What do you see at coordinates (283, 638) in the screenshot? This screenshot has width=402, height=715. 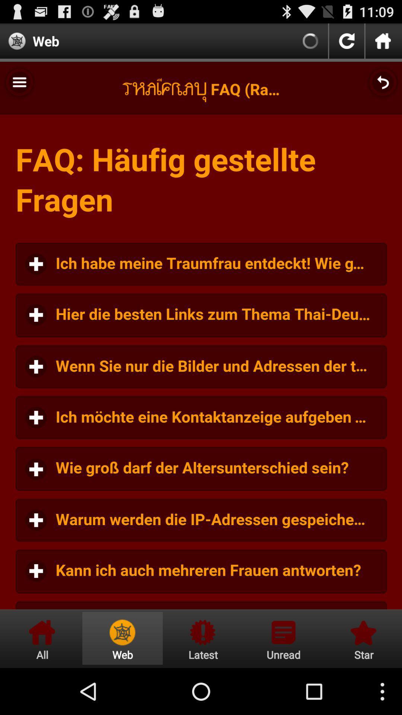 I see `unread` at bounding box center [283, 638].